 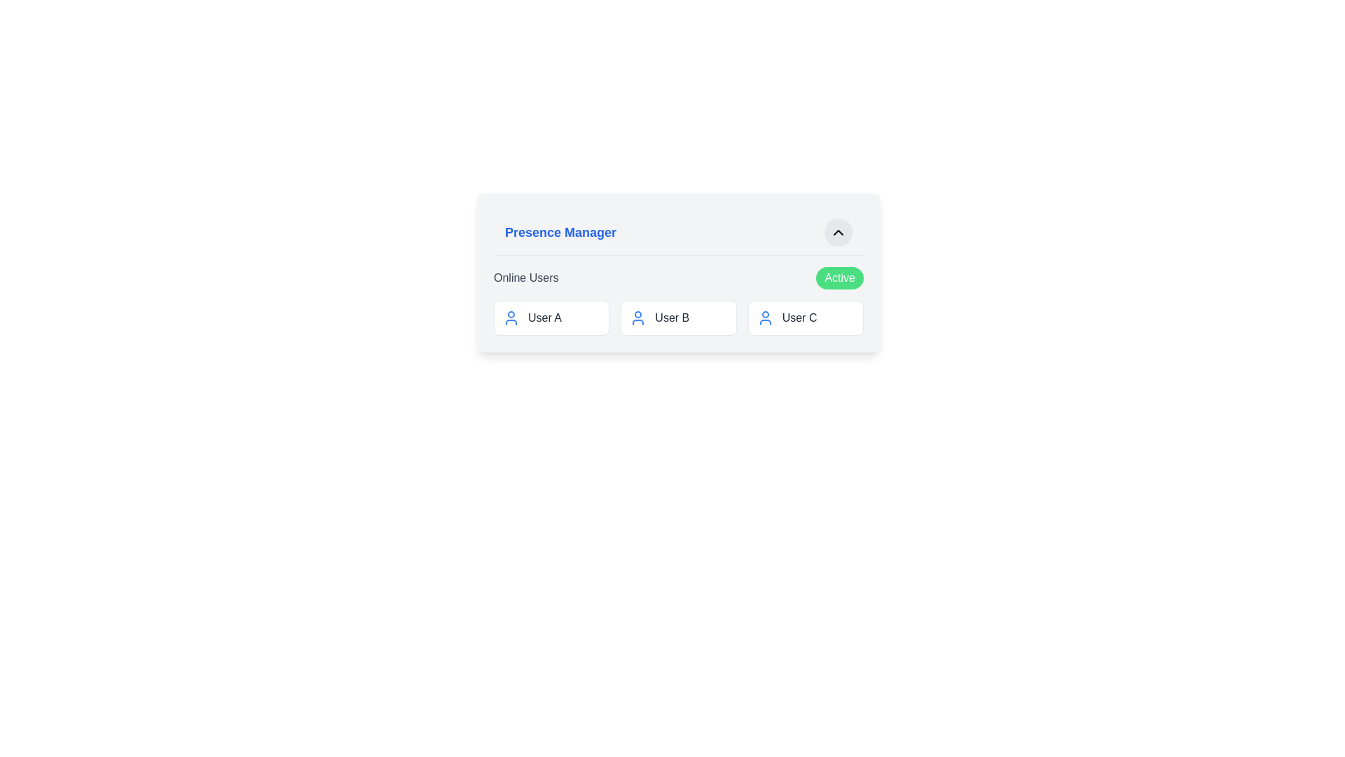 What do you see at coordinates (838, 231) in the screenshot?
I see `the chevron arrow icon within the rounded button located at the top-right corner of the 'Presence Manager' card` at bounding box center [838, 231].